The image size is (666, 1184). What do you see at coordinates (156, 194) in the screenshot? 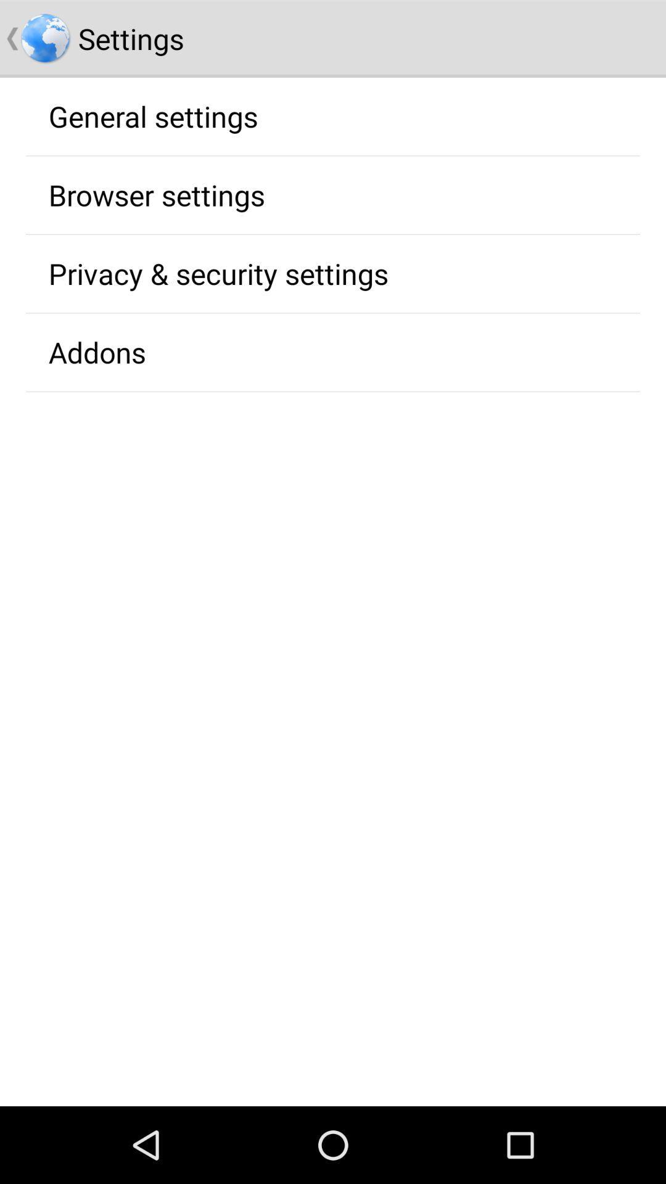
I see `the browser settings icon` at bounding box center [156, 194].